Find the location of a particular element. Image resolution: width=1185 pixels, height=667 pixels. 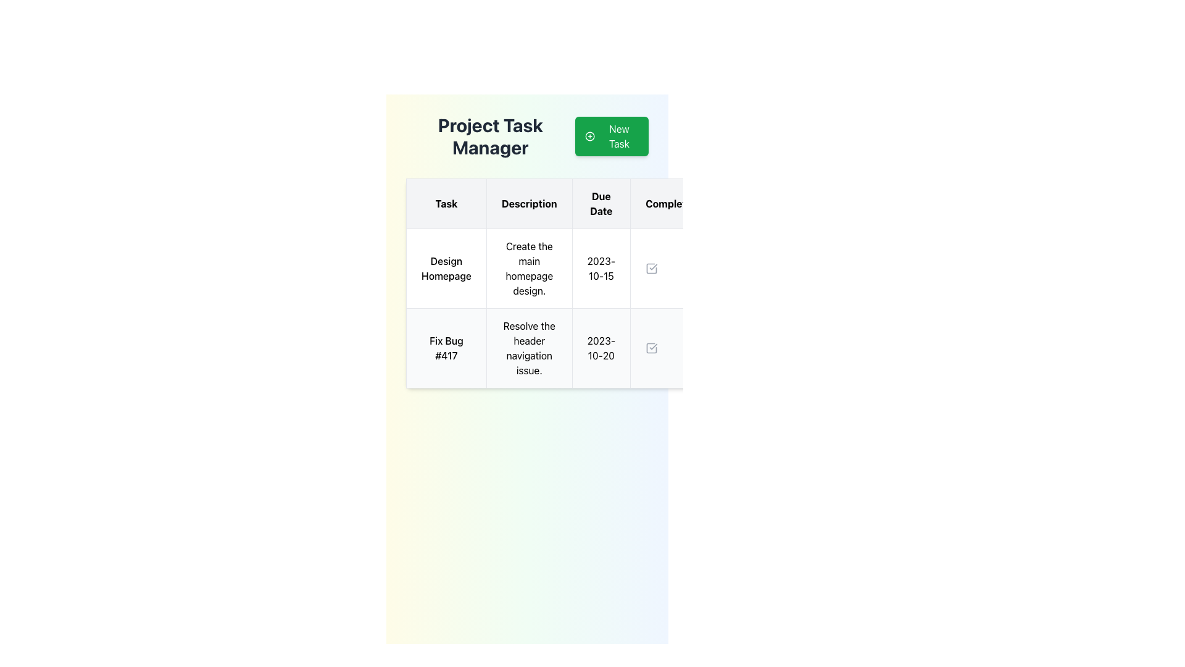

on the task title label in the second row of the task column in the project management interface is located at coordinates (446, 348).